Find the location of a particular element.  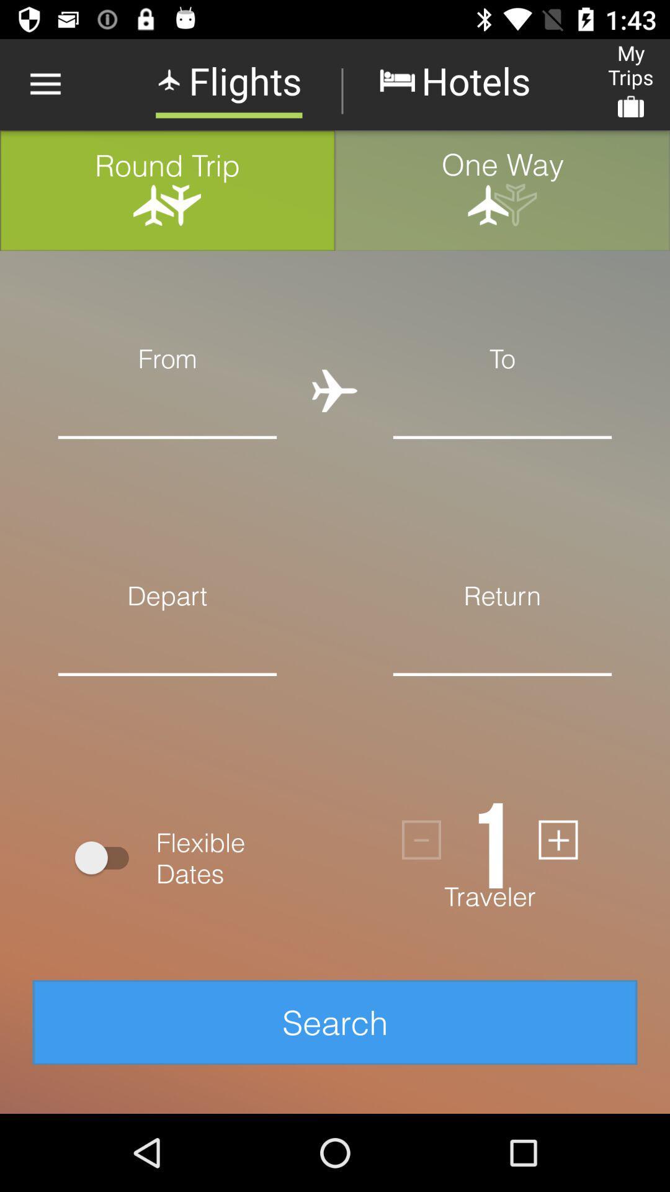

item above round trip is located at coordinates (45, 84).